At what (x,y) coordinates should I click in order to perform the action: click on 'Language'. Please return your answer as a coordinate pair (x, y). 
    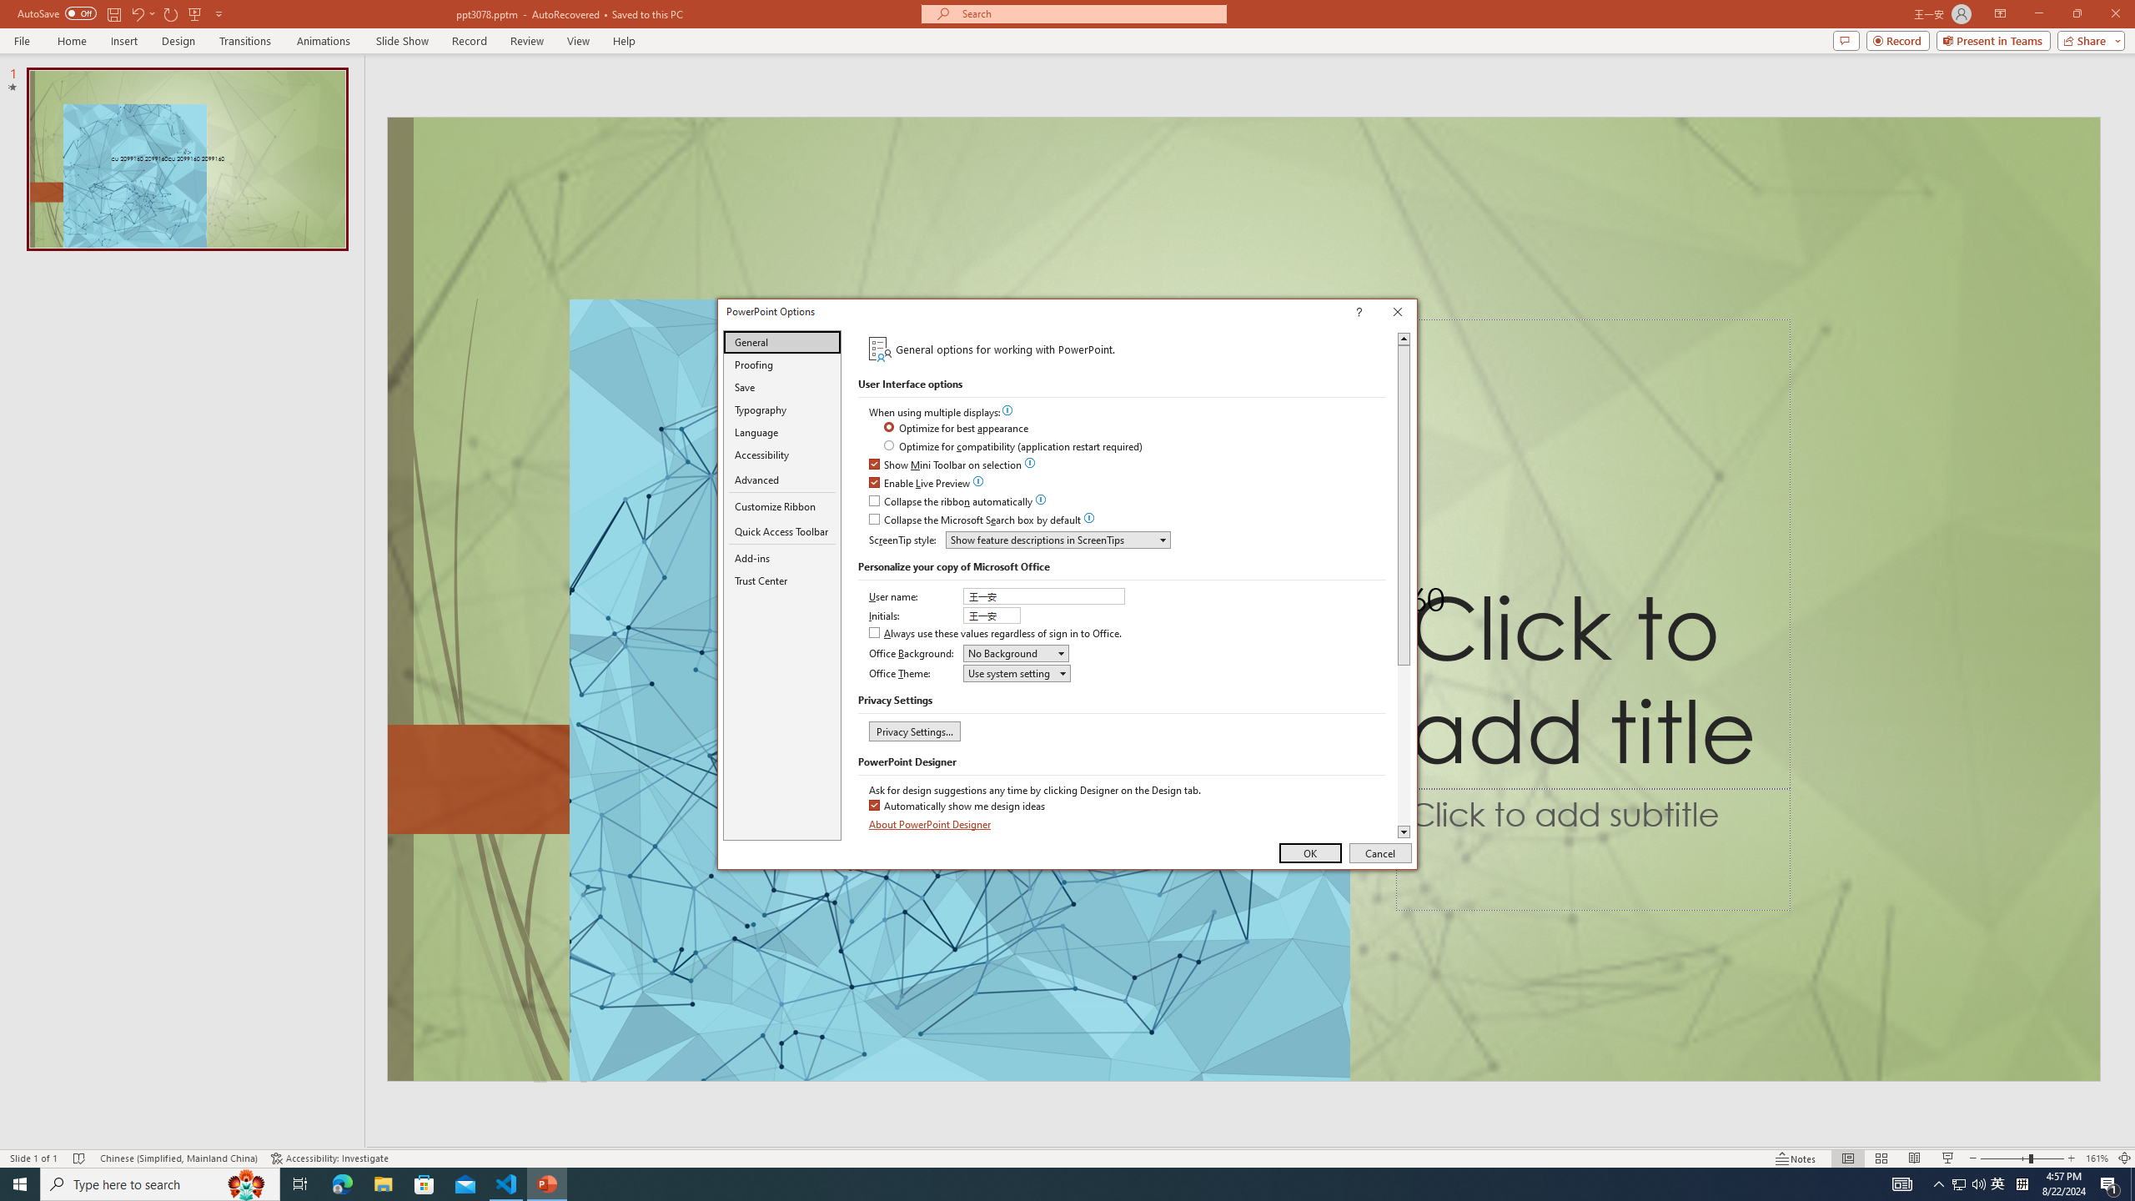
    Looking at the image, I should click on (781, 431).